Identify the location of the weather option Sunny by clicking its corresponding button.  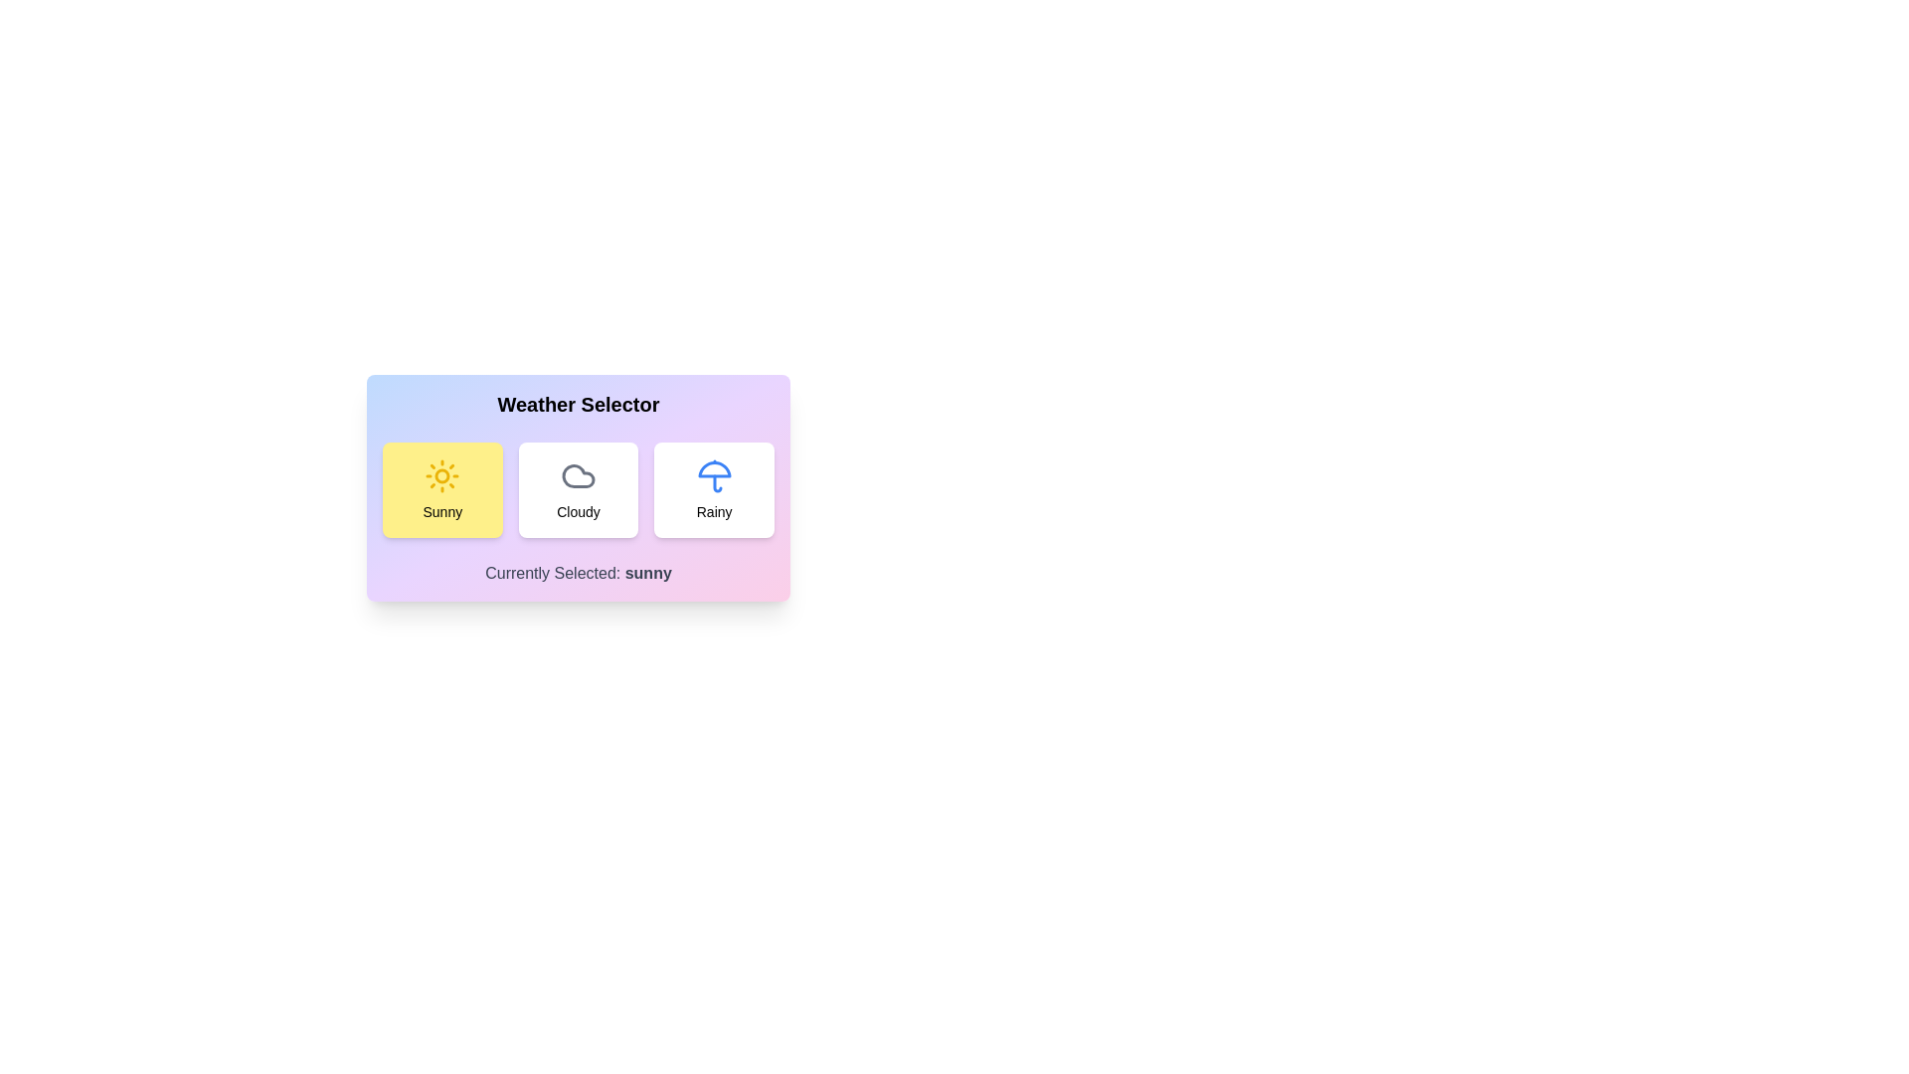
(441, 490).